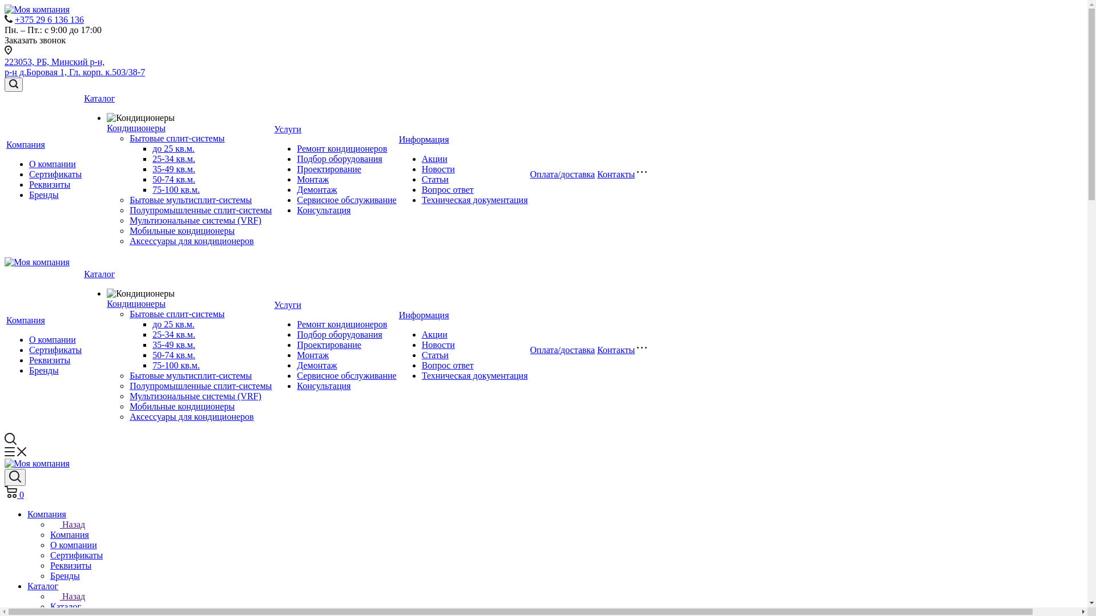 The height and width of the screenshot is (616, 1096). Describe the element at coordinates (49, 19) in the screenshot. I see `'+375 29 6 136 136'` at that location.